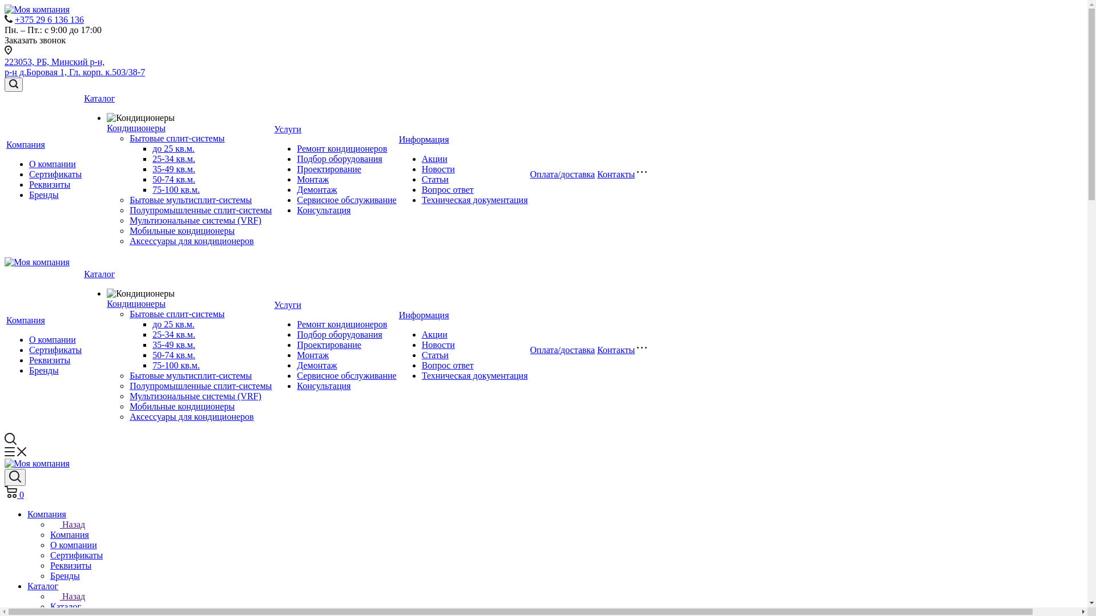 The height and width of the screenshot is (616, 1096). Describe the element at coordinates (49, 19) in the screenshot. I see `'+375 29 6 136 136'` at that location.